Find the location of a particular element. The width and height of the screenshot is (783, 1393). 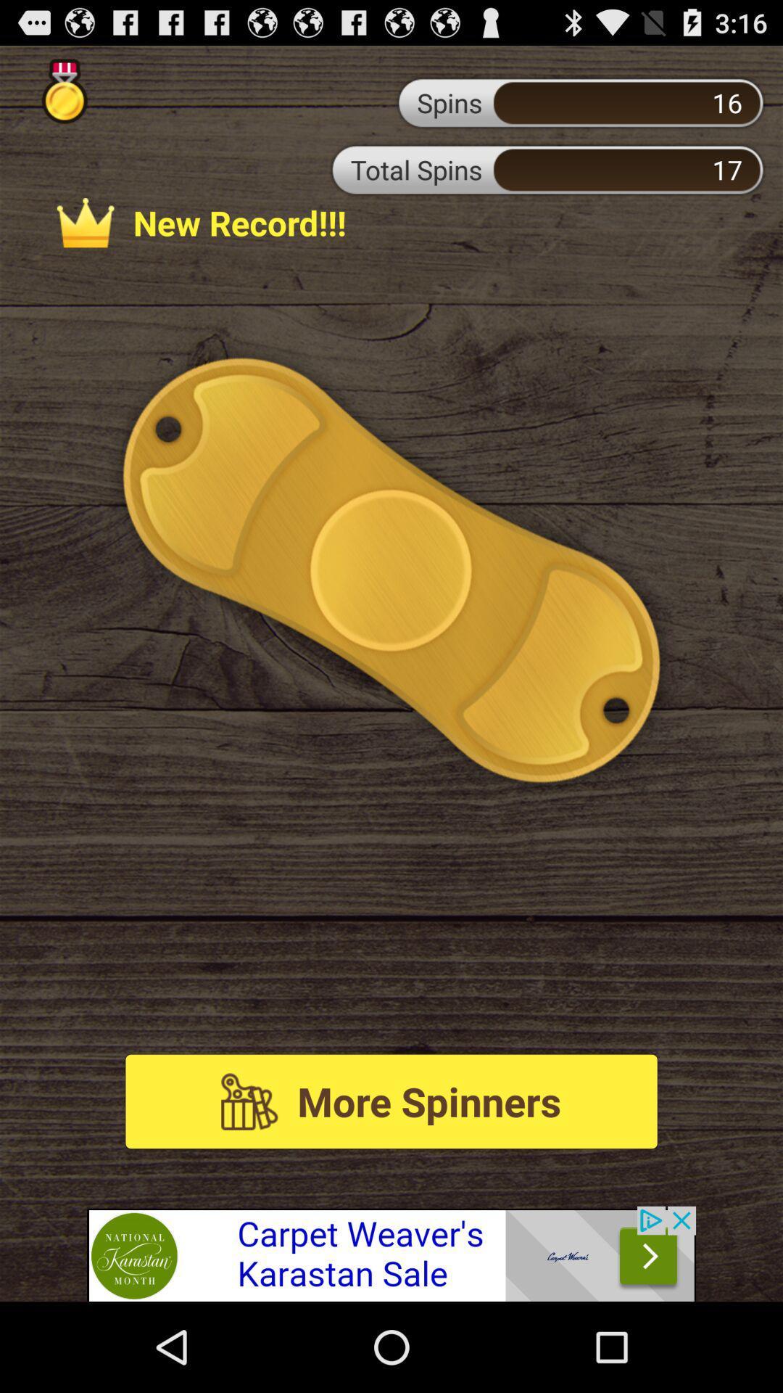

new advertisement go option is located at coordinates (391, 1253).